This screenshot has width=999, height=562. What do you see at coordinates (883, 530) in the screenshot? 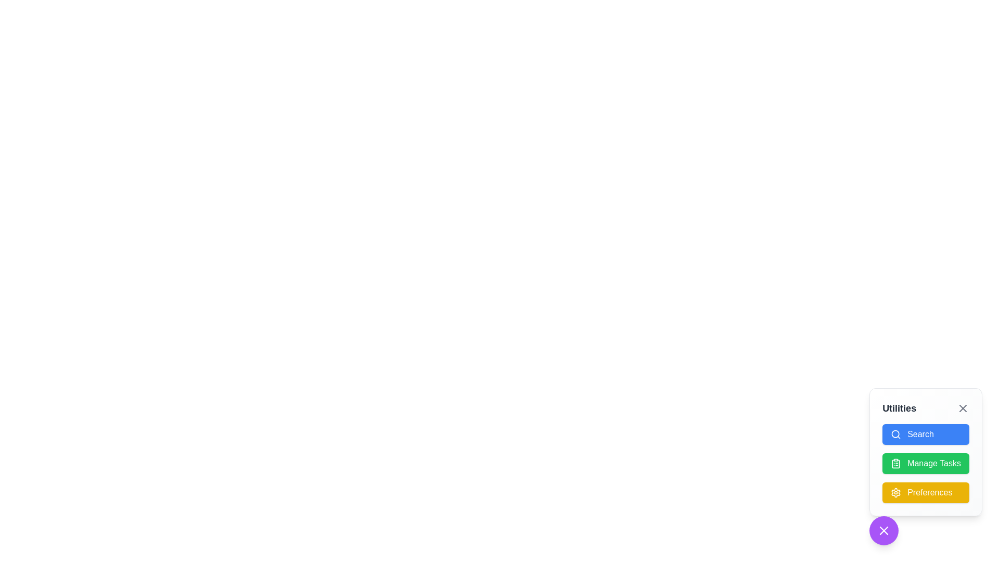
I see `the close button located` at bounding box center [883, 530].